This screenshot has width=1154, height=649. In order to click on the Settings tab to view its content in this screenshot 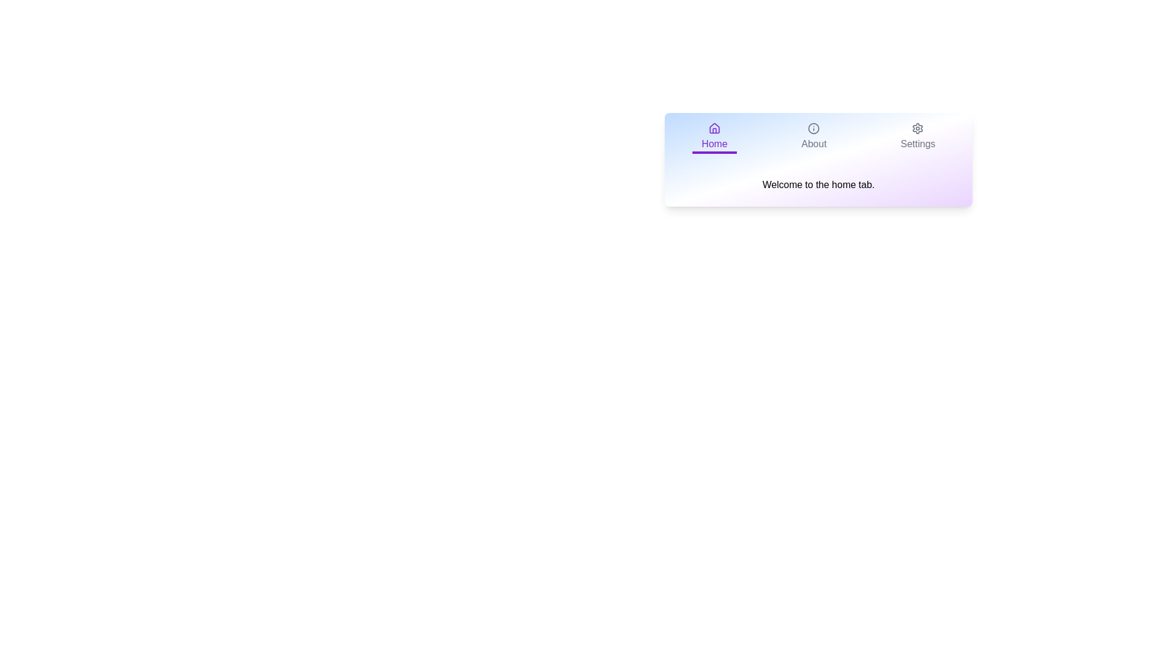, I will do `click(917, 138)`.